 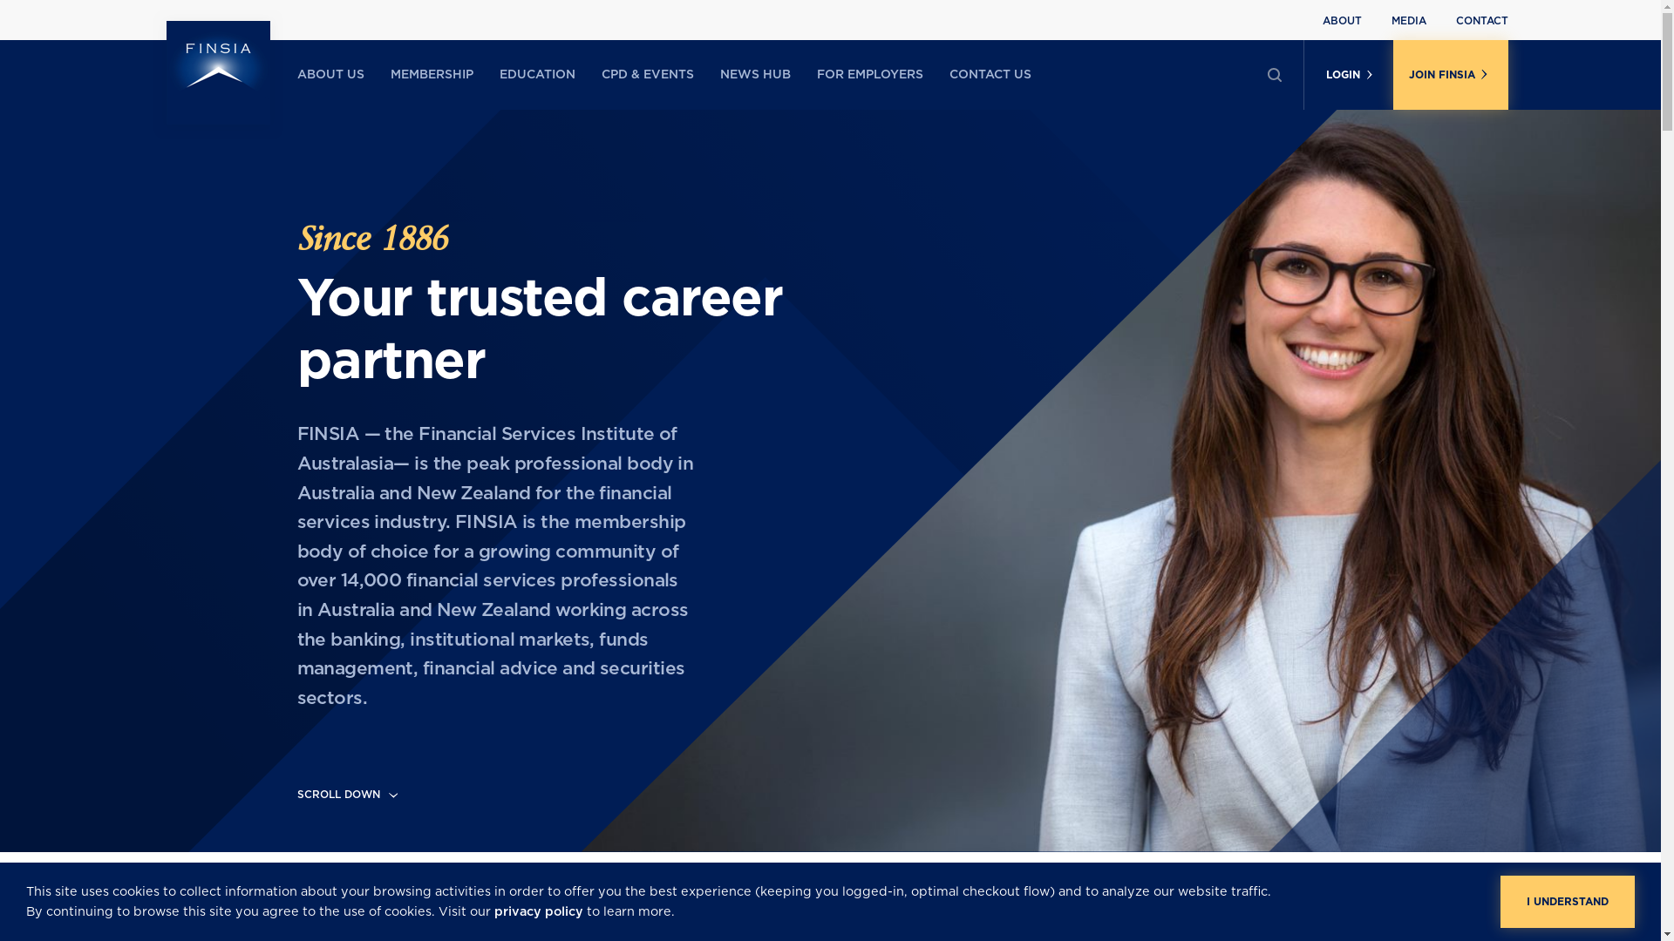 I want to click on 'EDUCATION', so click(x=535, y=73).